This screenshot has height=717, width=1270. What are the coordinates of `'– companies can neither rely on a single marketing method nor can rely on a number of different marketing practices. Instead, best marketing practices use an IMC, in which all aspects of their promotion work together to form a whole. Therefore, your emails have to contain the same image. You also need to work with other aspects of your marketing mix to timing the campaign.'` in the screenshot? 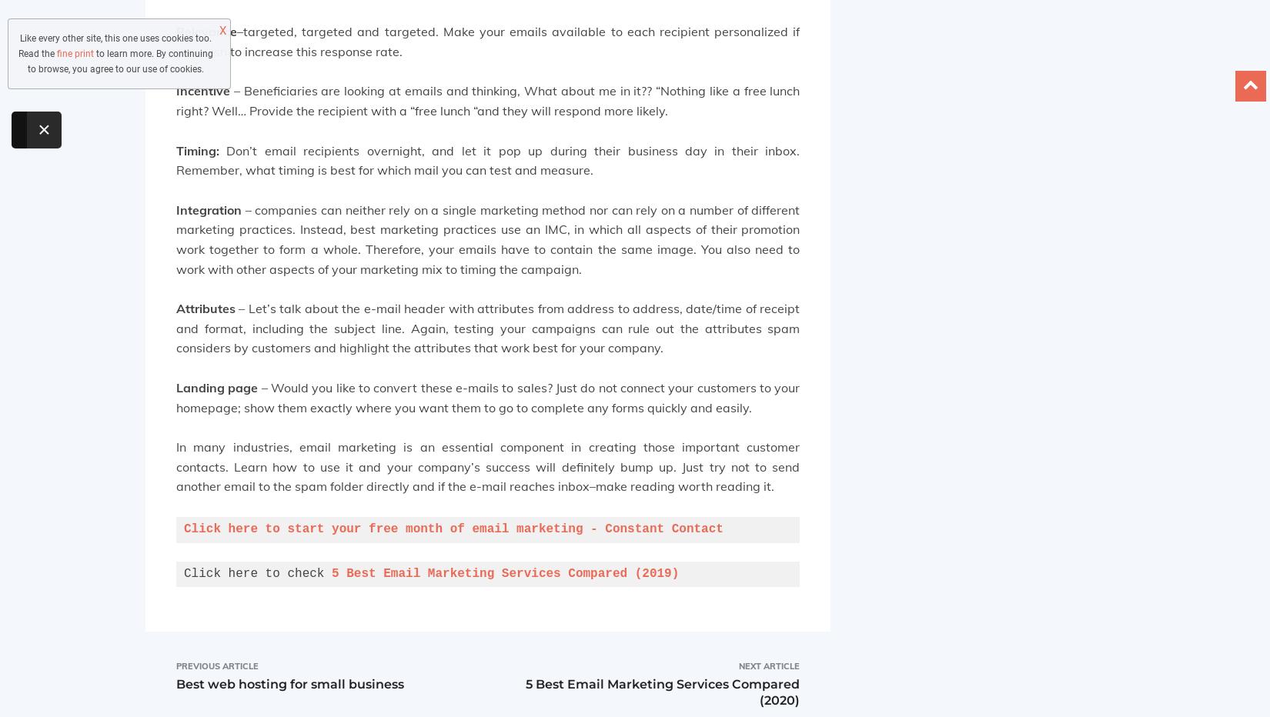 It's located at (486, 238).